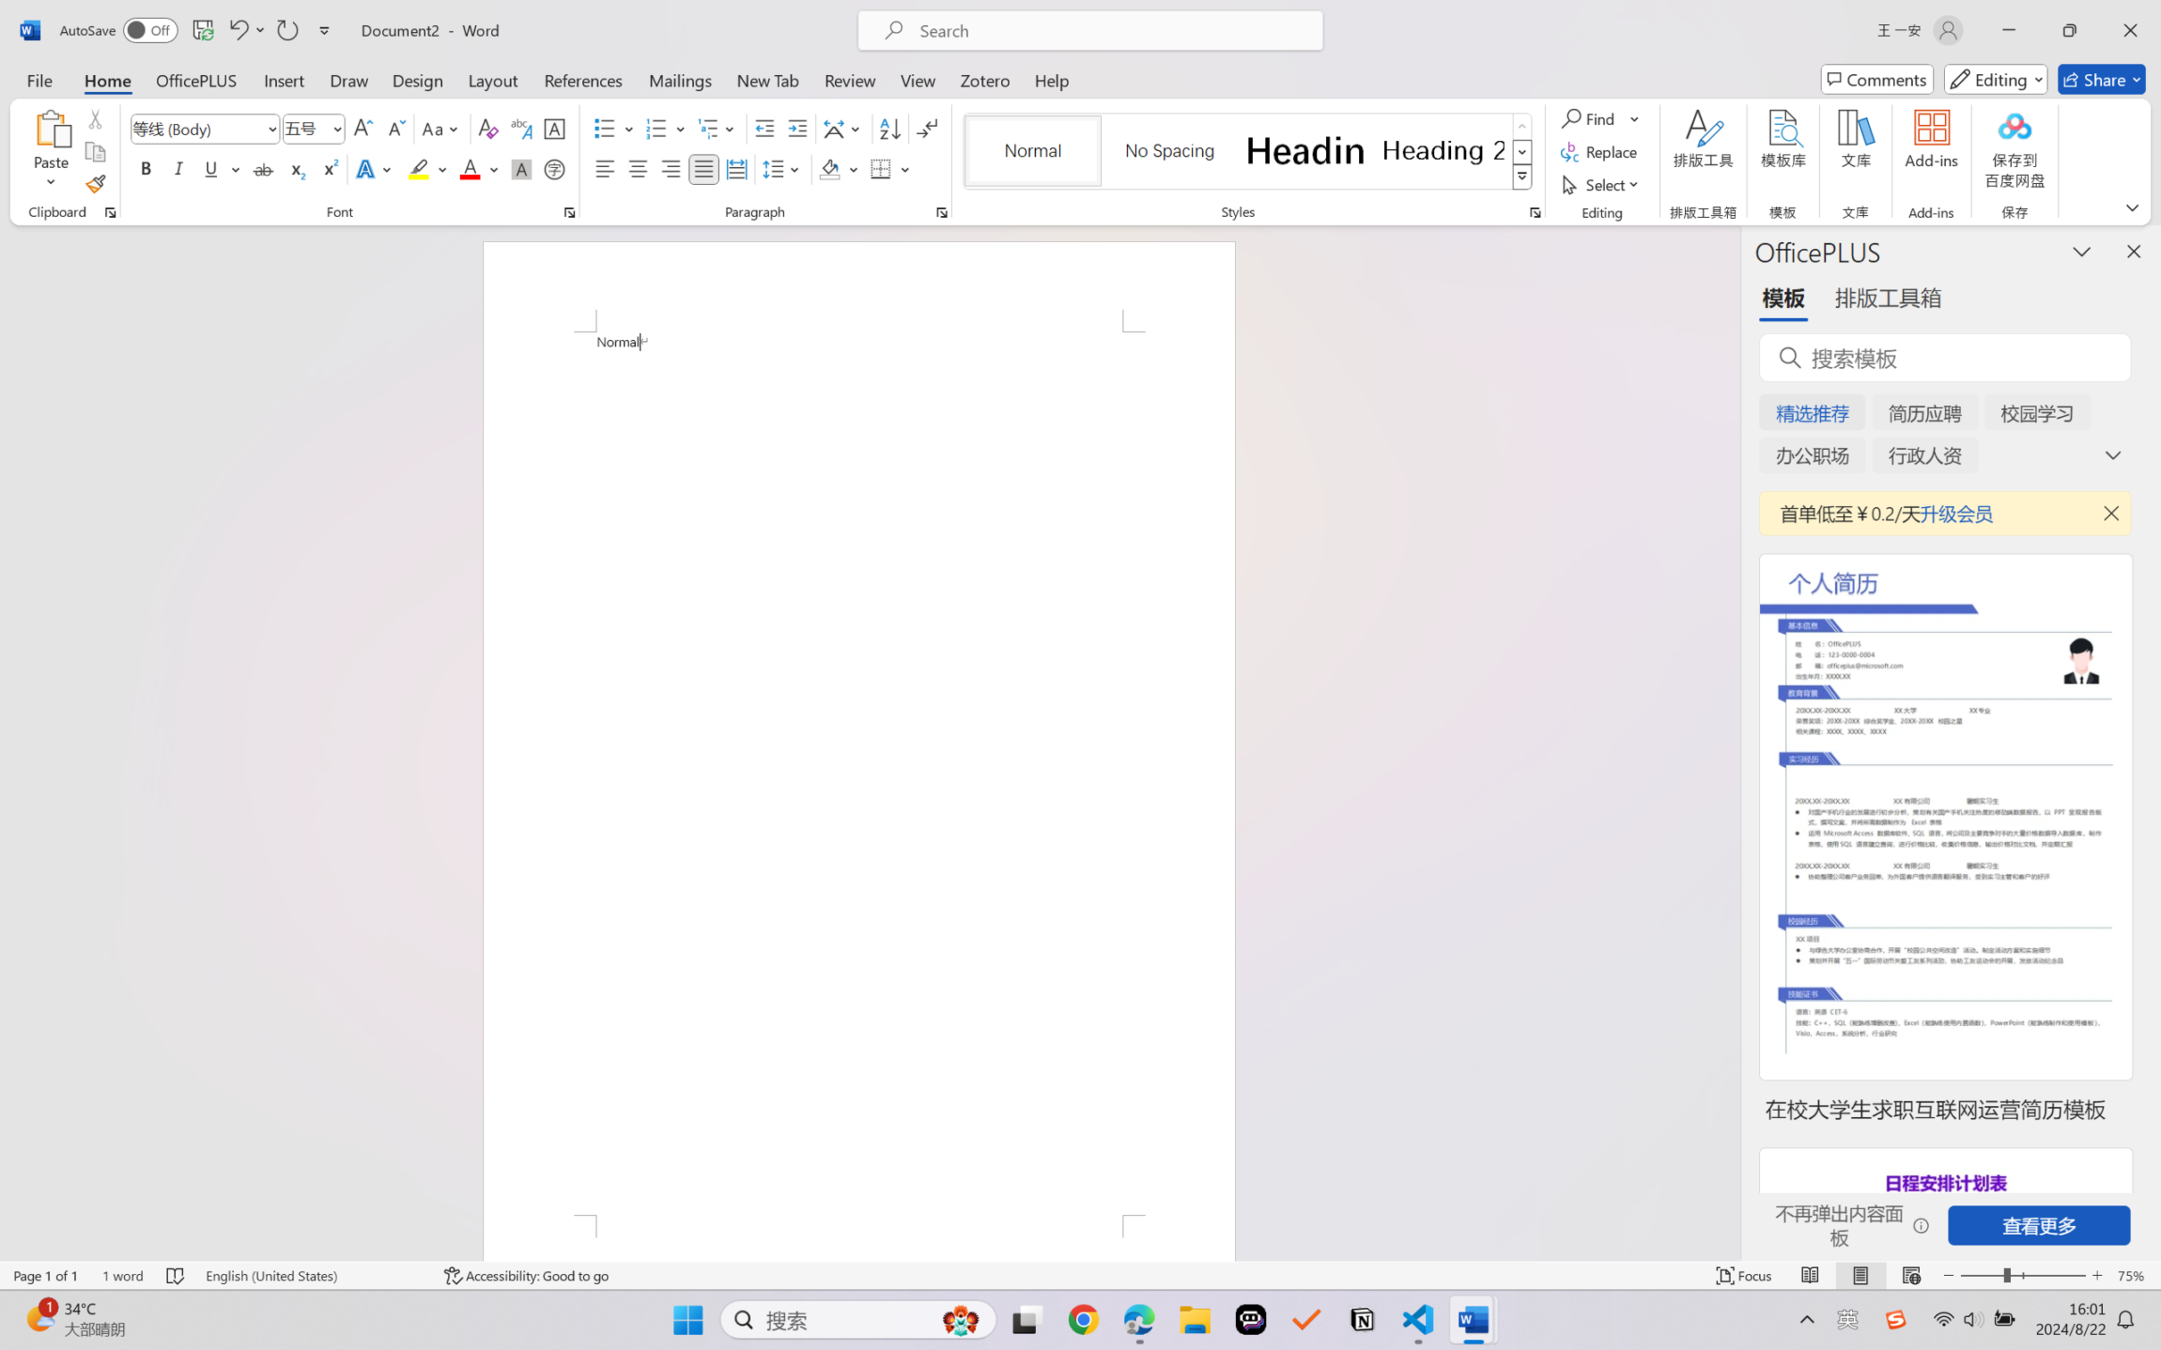 The image size is (2161, 1350). What do you see at coordinates (202, 29) in the screenshot?
I see `'Save'` at bounding box center [202, 29].